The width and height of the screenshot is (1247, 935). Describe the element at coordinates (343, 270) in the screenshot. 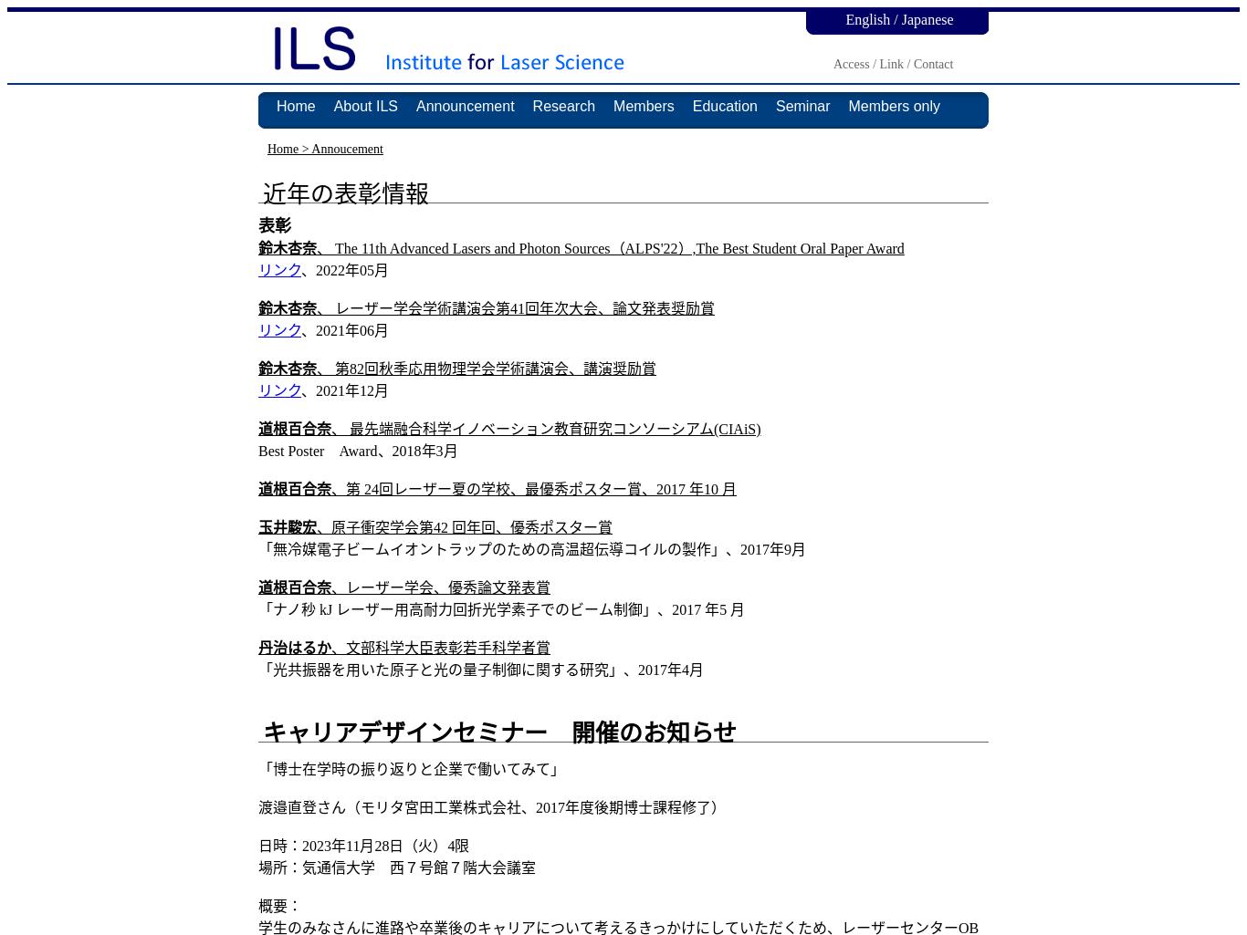

I see `'、2022年05月'` at that location.